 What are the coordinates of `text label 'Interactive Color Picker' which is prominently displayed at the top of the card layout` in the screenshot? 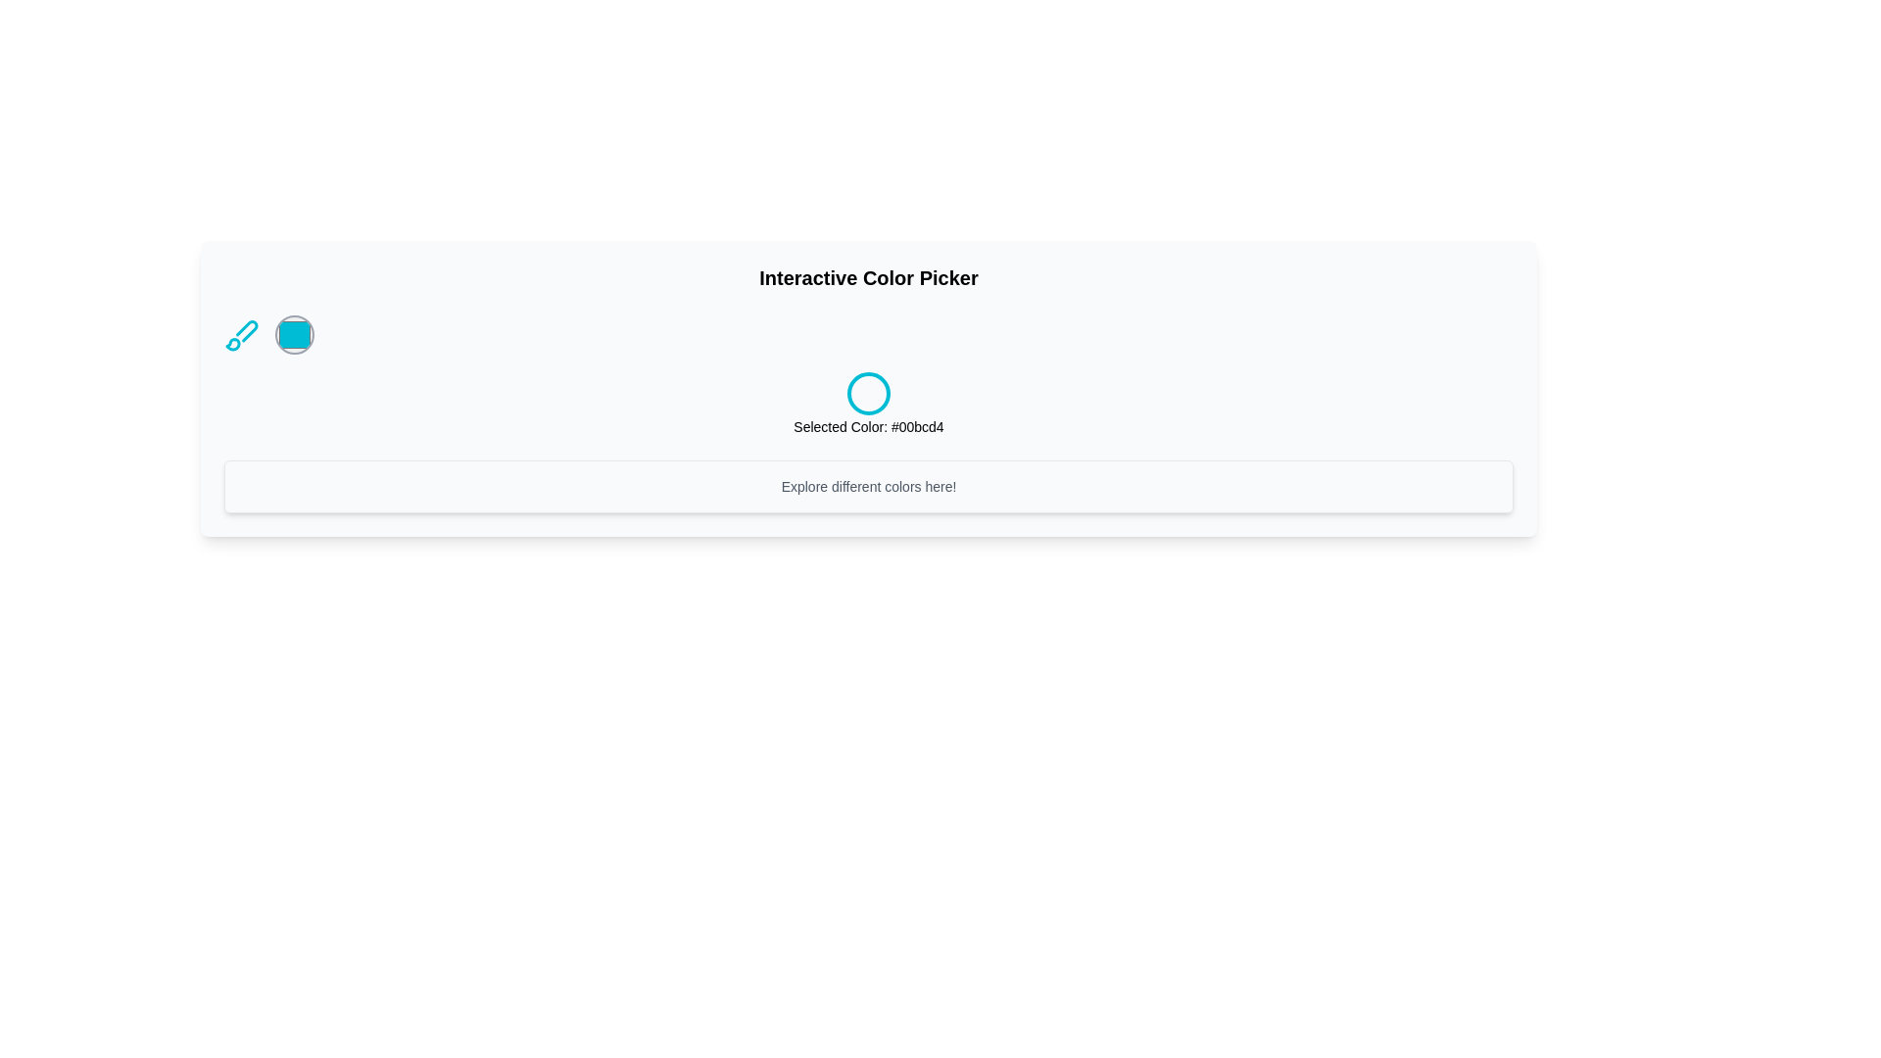 It's located at (868, 278).